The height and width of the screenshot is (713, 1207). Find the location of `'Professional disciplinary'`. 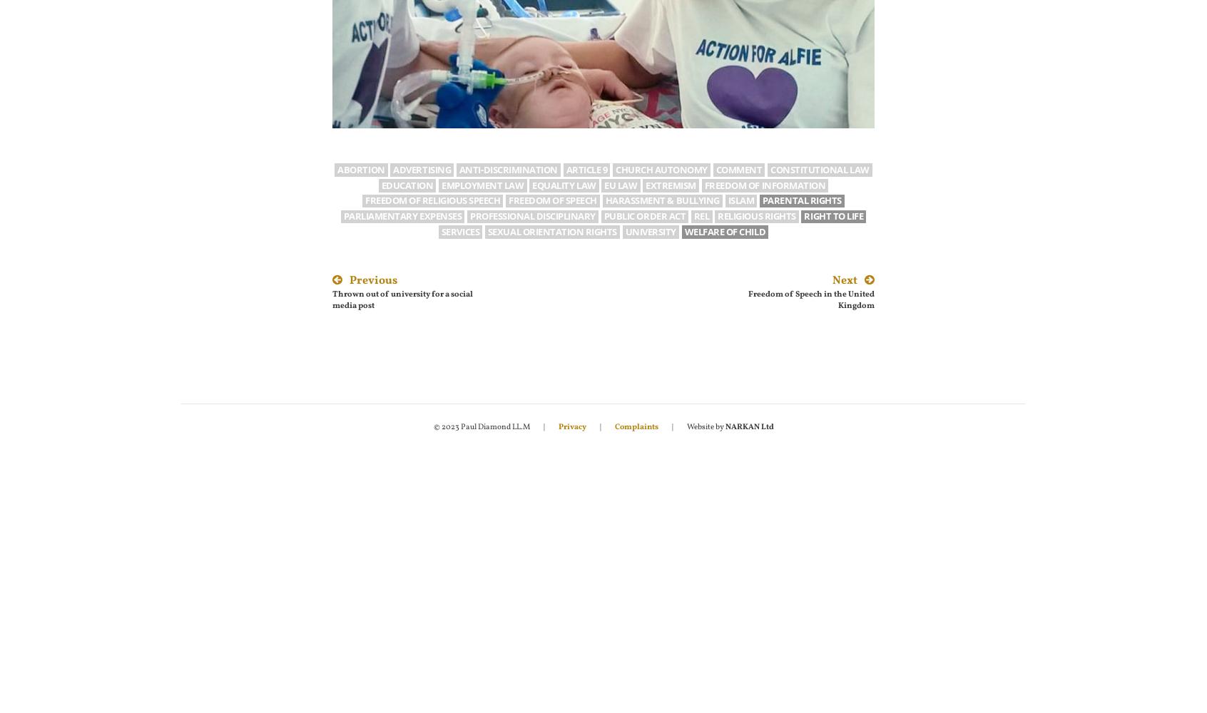

'Professional disciplinary' is located at coordinates (532, 216).